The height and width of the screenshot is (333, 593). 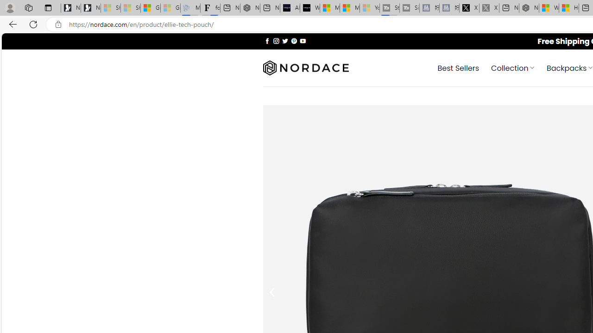 What do you see at coordinates (459, 67) in the screenshot?
I see `' Best Sellers'` at bounding box center [459, 67].